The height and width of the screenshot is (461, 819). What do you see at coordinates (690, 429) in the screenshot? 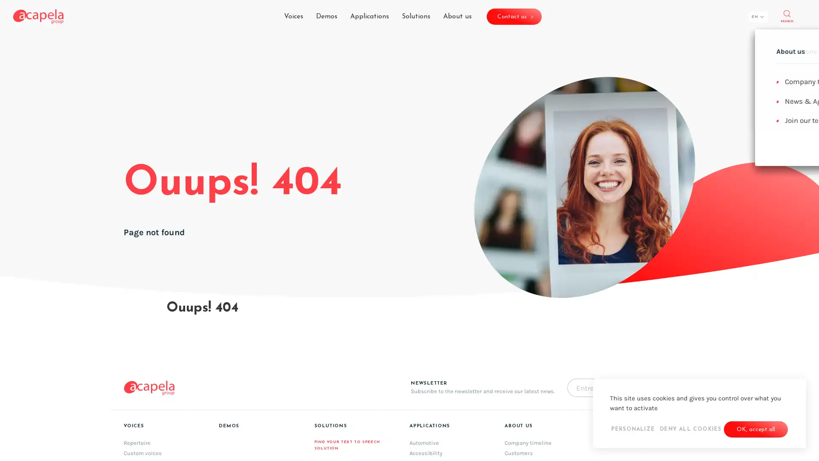
I see `DENY ALL COOKIES` at bounding box center [690, 429].